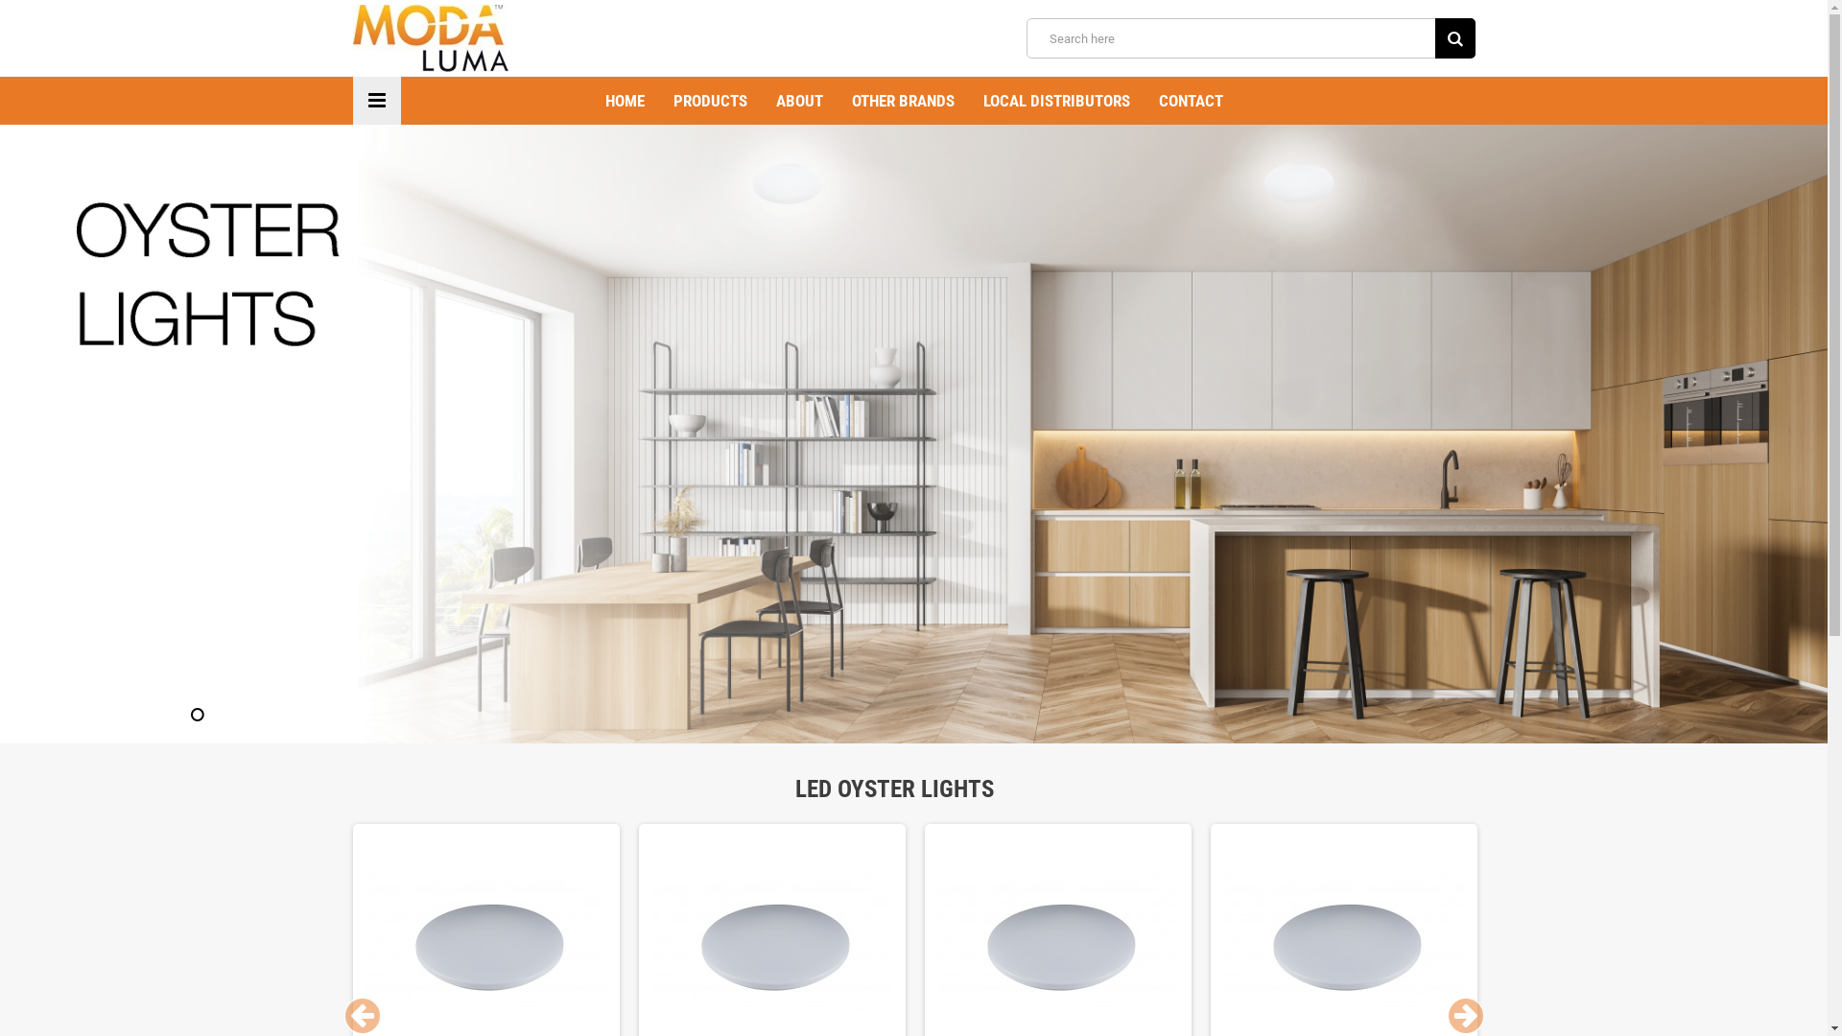 The height and width of the screenshot is (1036, 1842). Describe the element at coordinates (968, 100) in the screenshot. I see `'LOCAL DISTRIBUTORS'` at that location.